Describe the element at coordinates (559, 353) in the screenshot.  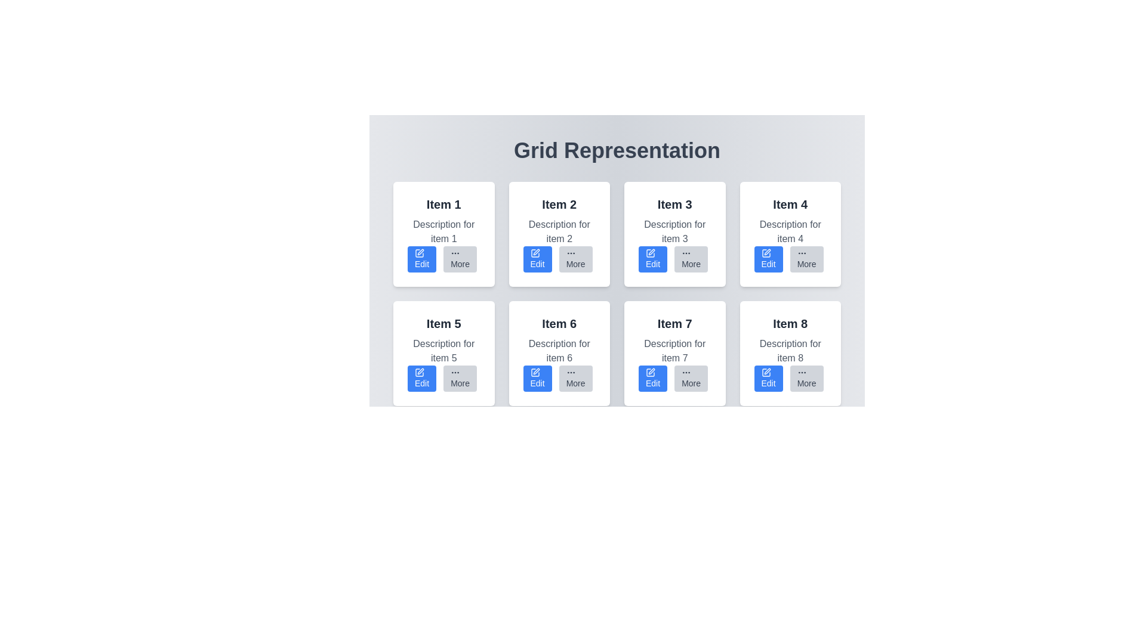
I see `the 'Edit' button located at the bottom of the card titled 'Item 6' to modify details` at that location.